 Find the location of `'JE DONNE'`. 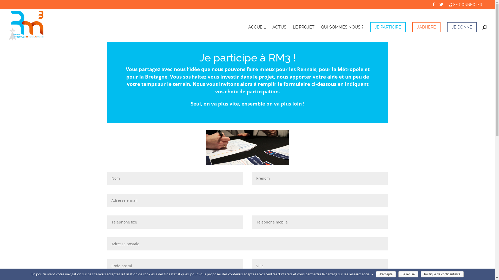

'JE DONNE' is located at coordinates (462, 27).